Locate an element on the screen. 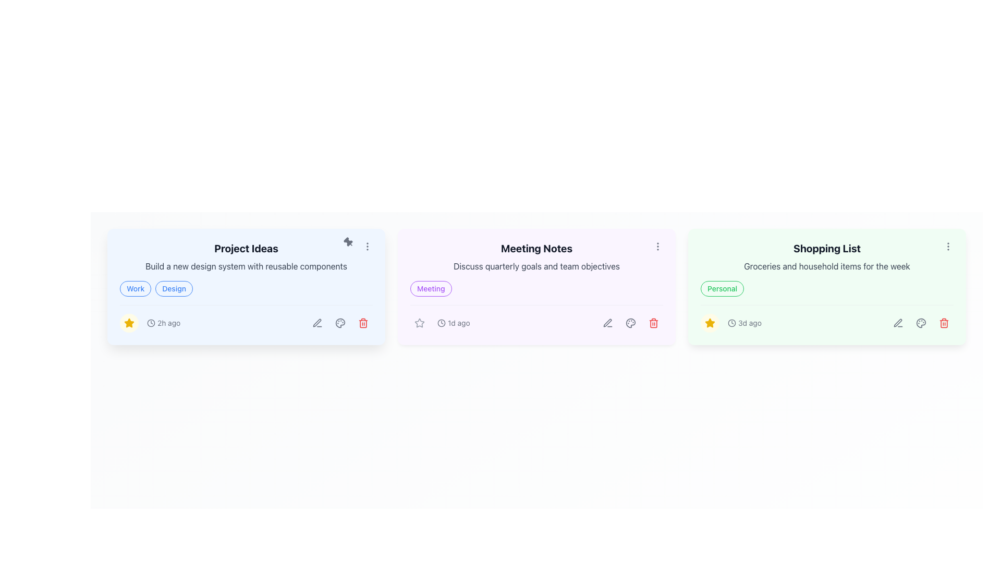 This screenshot has height=563, width=1001. the favorite button located at the bottom left of the 'Project Ideas' card is located at coordinates (129, 323).